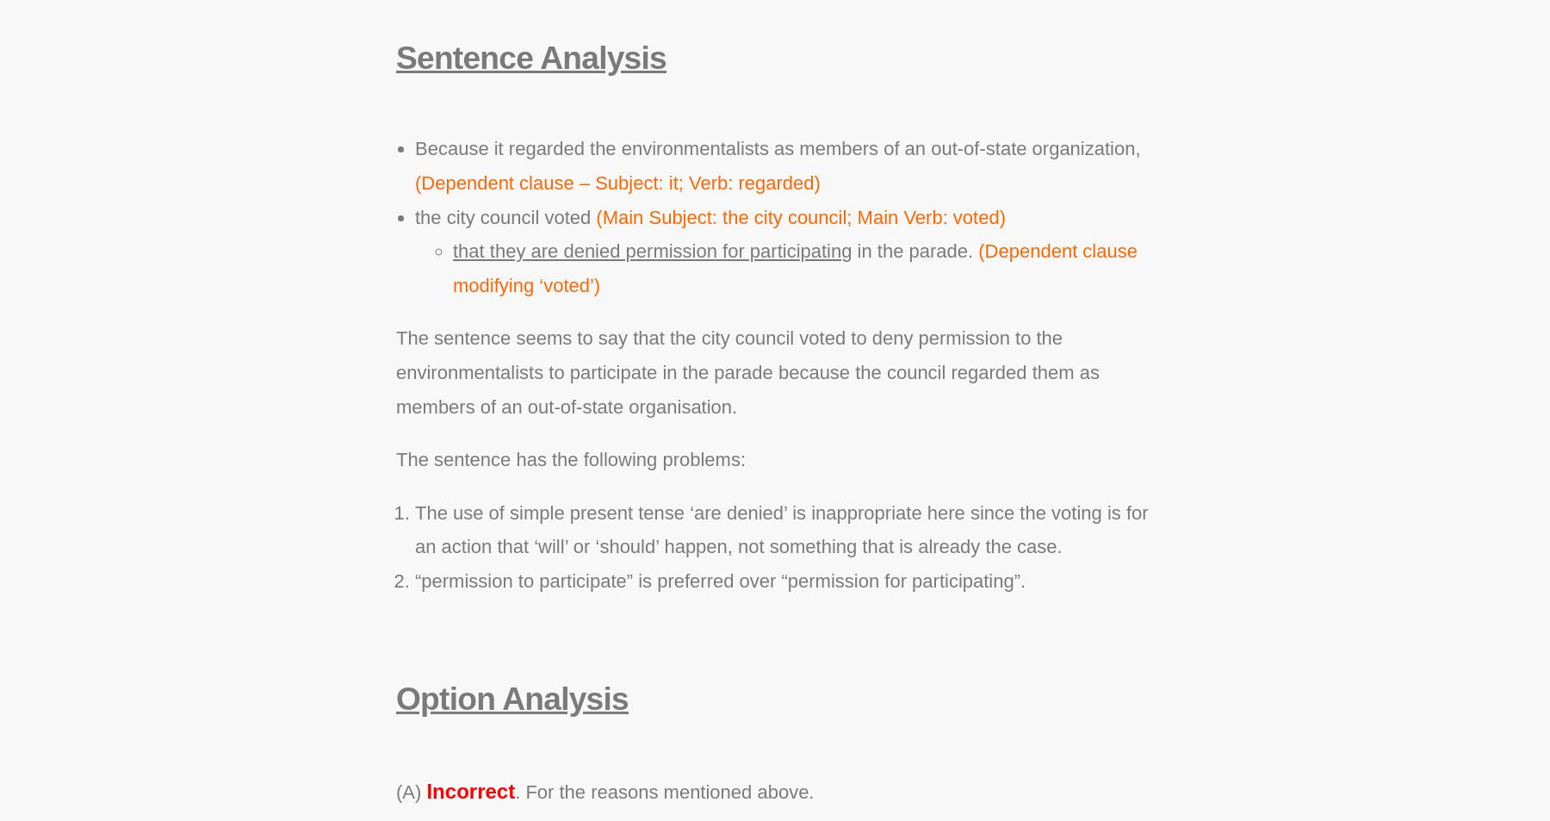  Describe the element at coordinates (414, 147) in the screenshot. I see `'Because it regarded the environmentalists as members of an out-of-state organization,'` at that location.